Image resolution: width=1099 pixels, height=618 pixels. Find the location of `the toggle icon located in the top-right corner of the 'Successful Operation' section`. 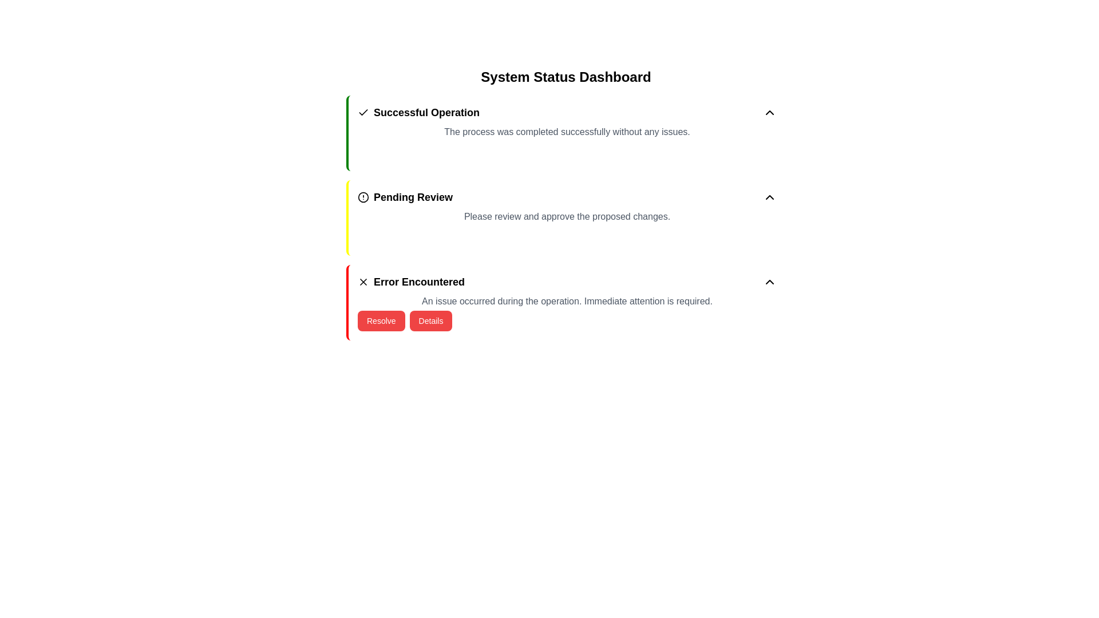

the toggle icon located in the top-right corner of the 'Successful Operation' section is located at coordinates (769, 112).